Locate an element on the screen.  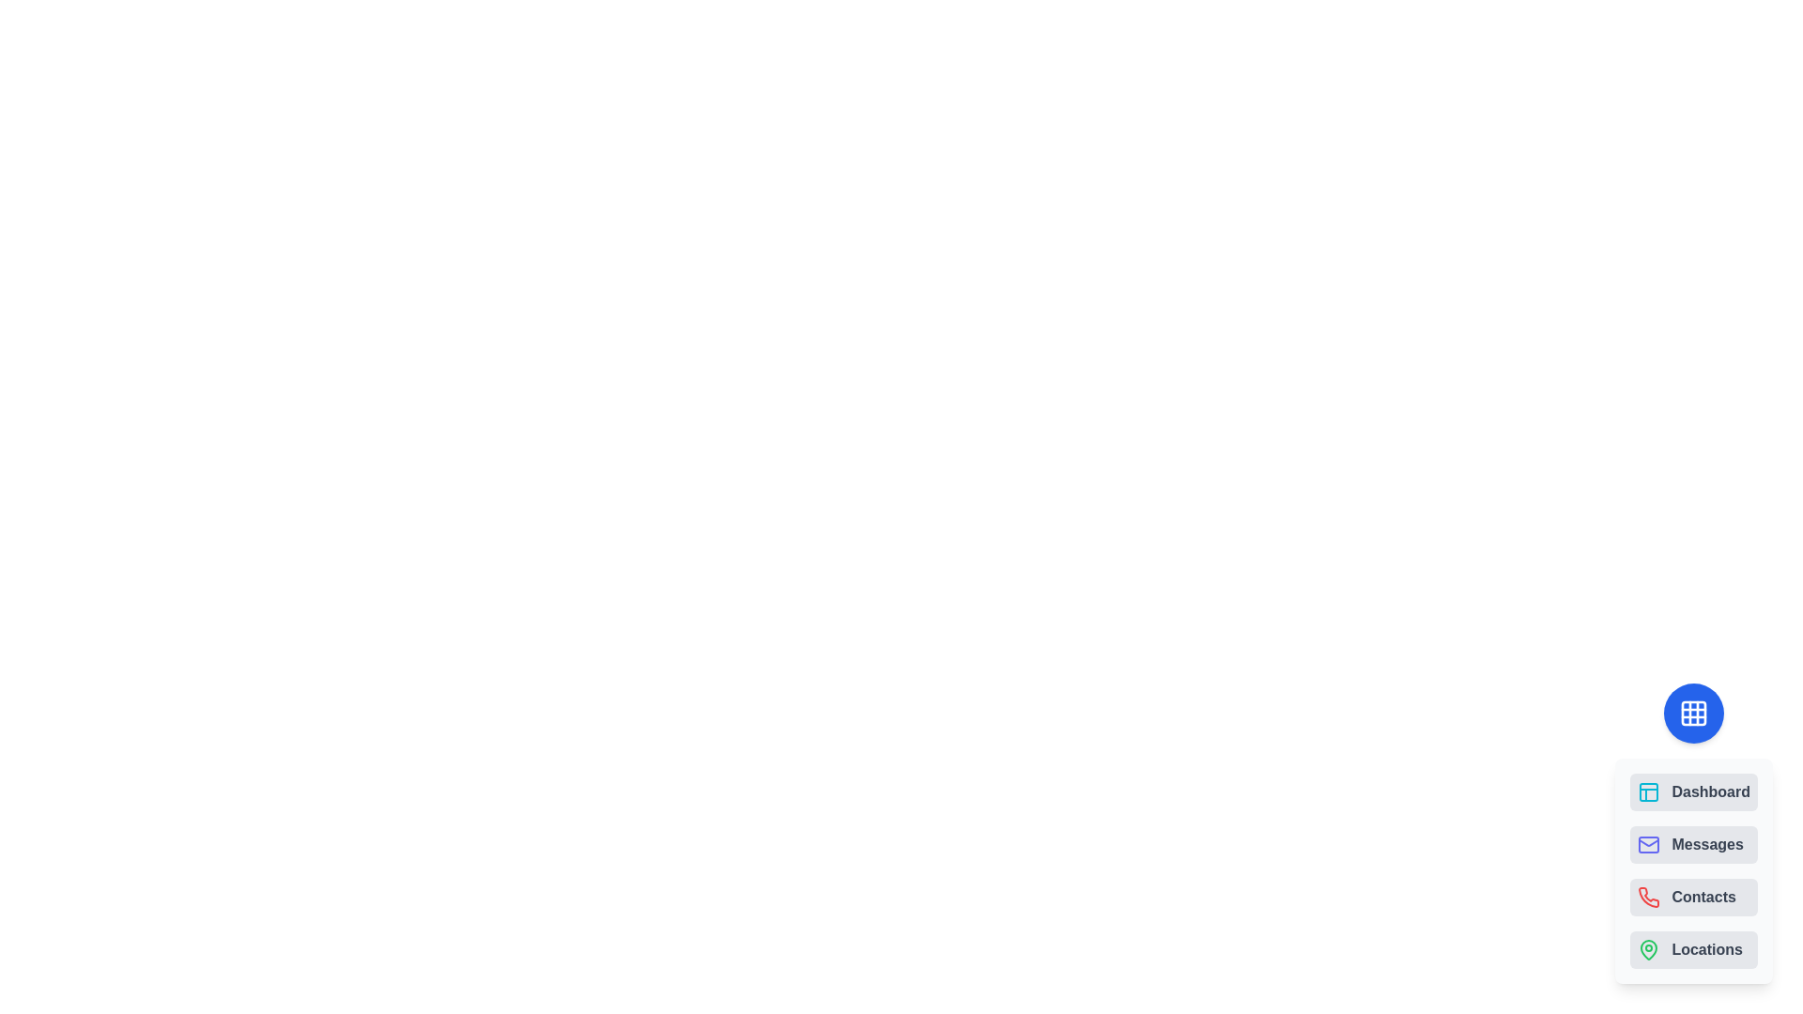
the navigation option Messages from the speed dial is located at coordinates (1694, 843).